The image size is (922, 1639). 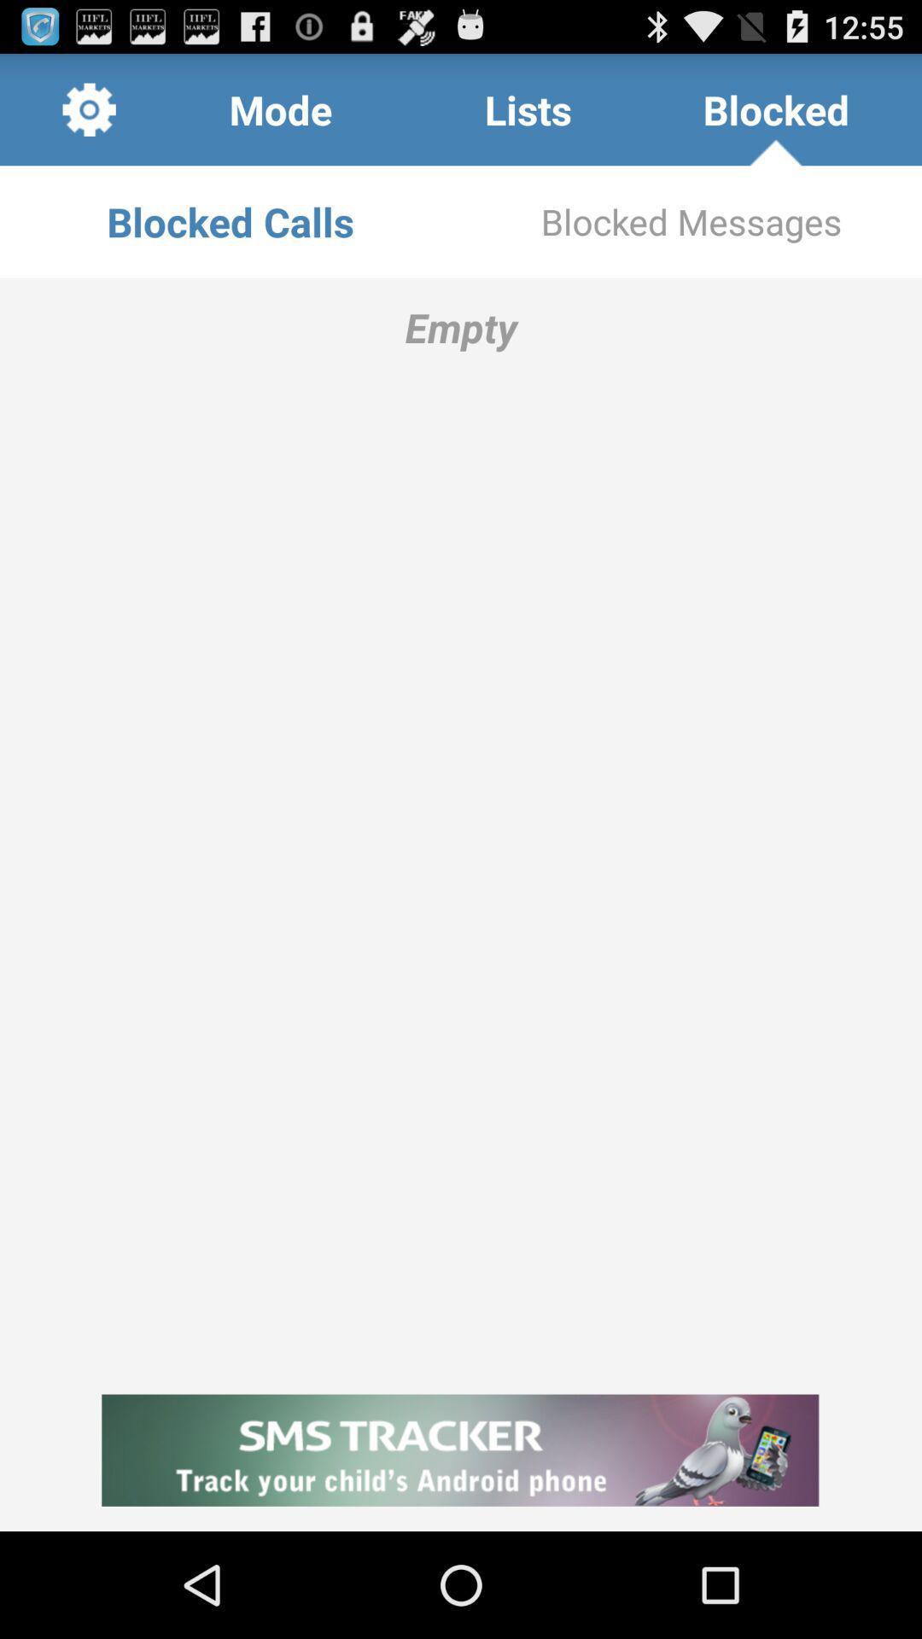 What do you see at coordinates (528, 108) in the screenshot?
I see `the item to the left of blocked item` at bounding box center [528, 108].